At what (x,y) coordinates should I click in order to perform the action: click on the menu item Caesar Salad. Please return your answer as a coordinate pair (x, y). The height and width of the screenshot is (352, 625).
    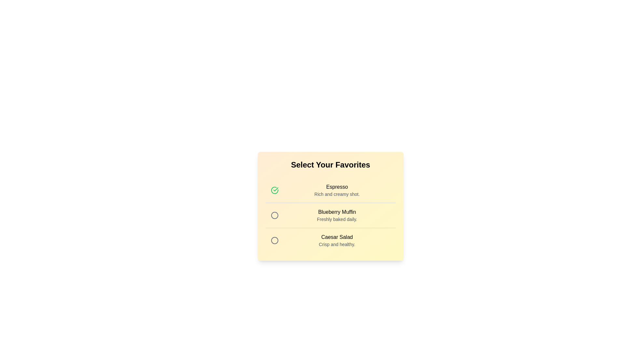
    Looking at the image, I should click on (274, 240).